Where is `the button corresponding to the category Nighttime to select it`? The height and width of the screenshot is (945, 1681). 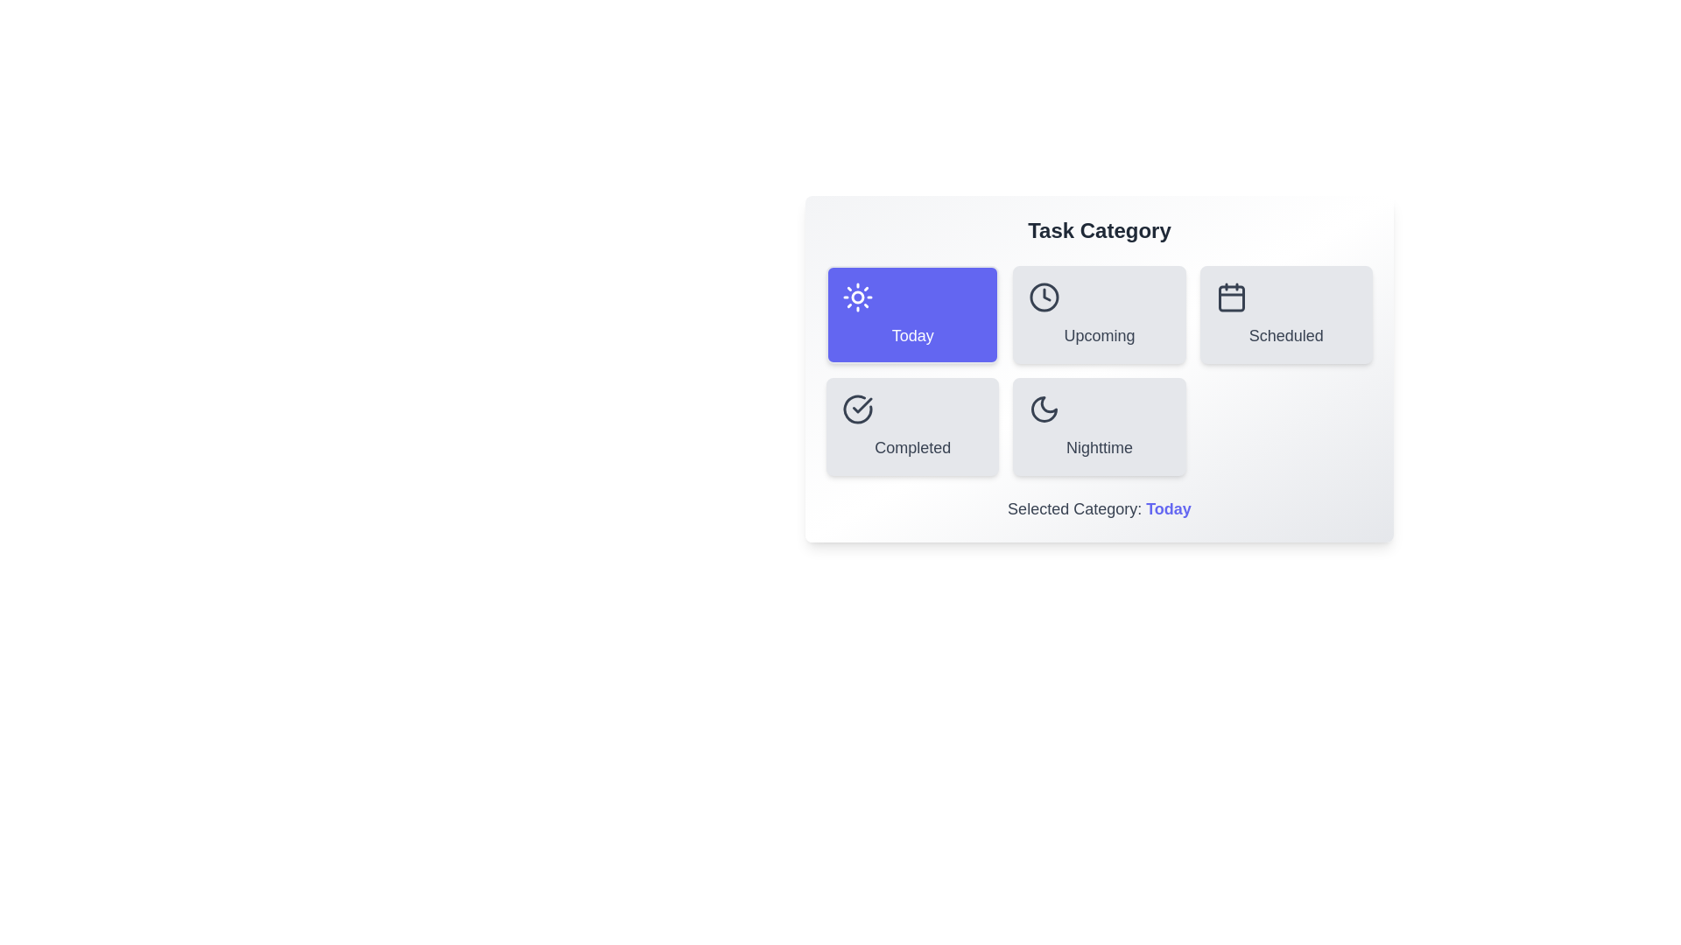 the button corresponding to the category Nighttime to select it is located at coordinates (1099, 427).